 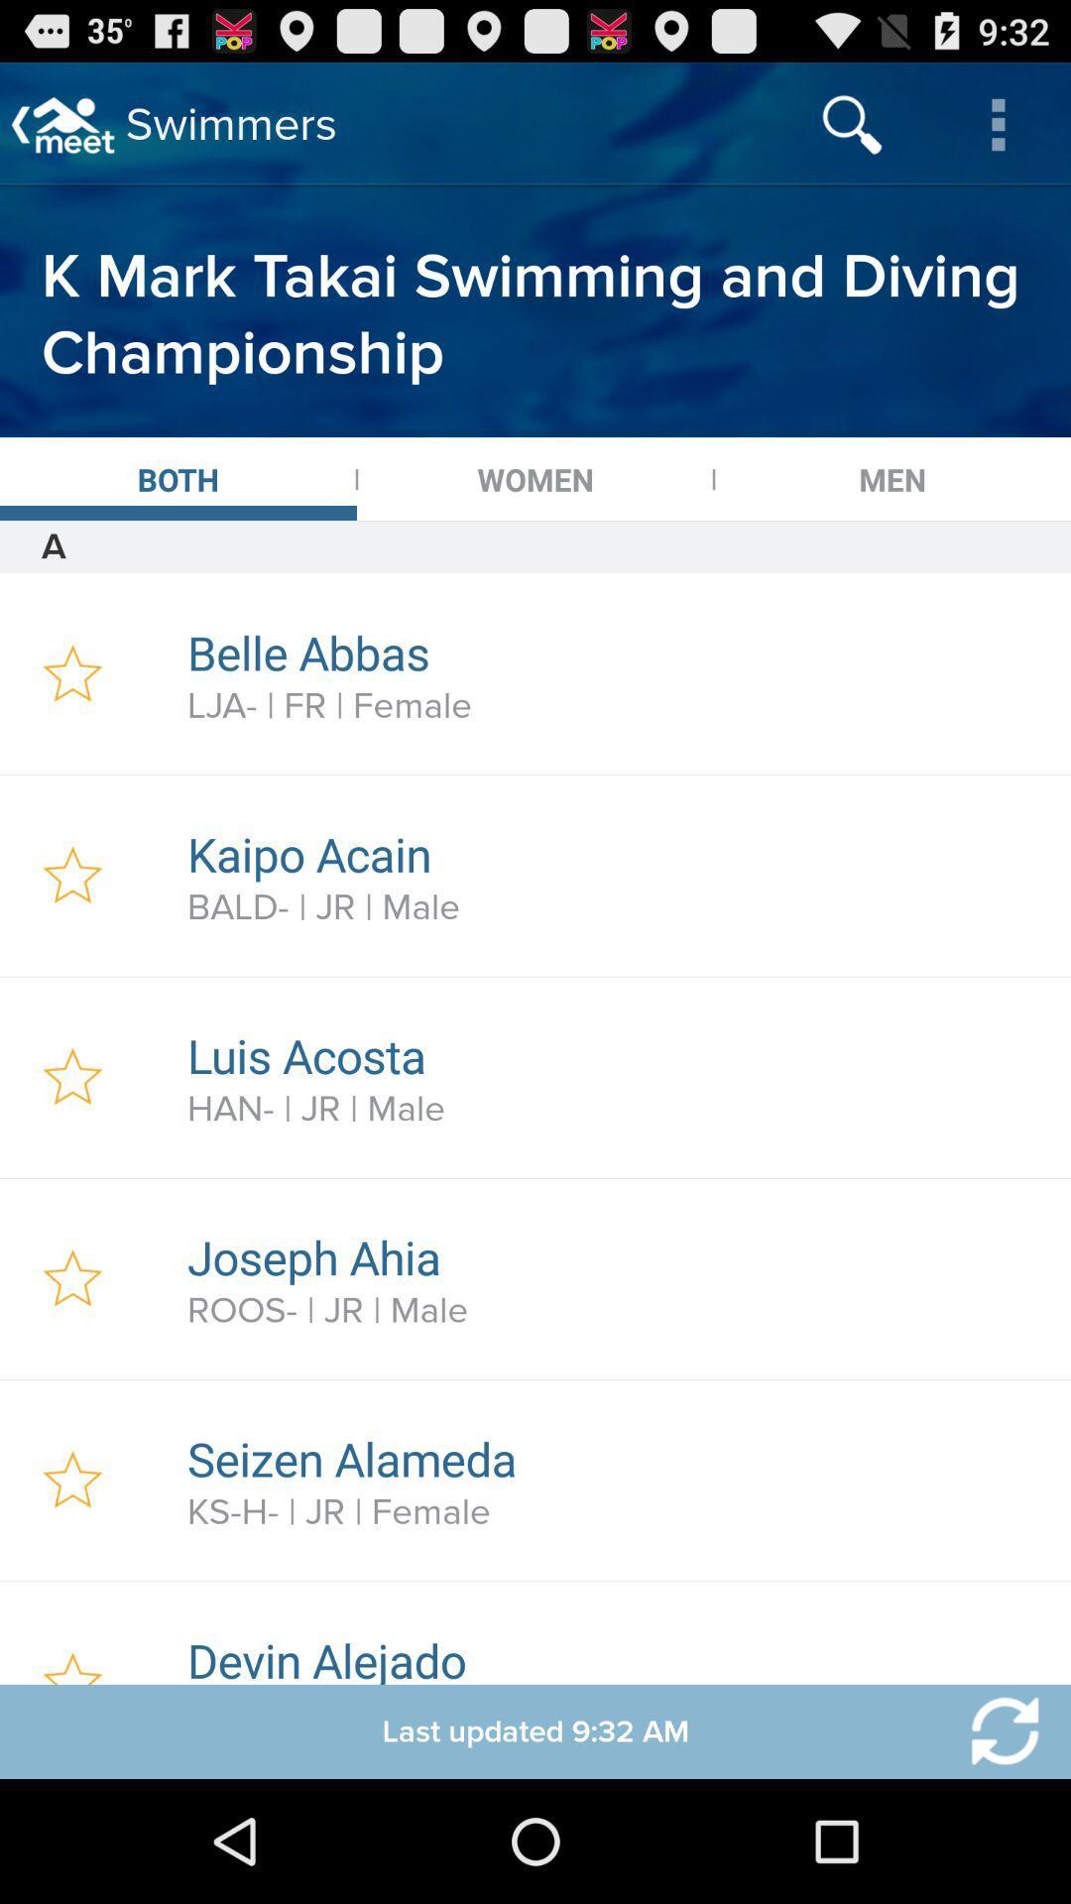 I want to click on kaipo acain, so click(x=618, y=854).